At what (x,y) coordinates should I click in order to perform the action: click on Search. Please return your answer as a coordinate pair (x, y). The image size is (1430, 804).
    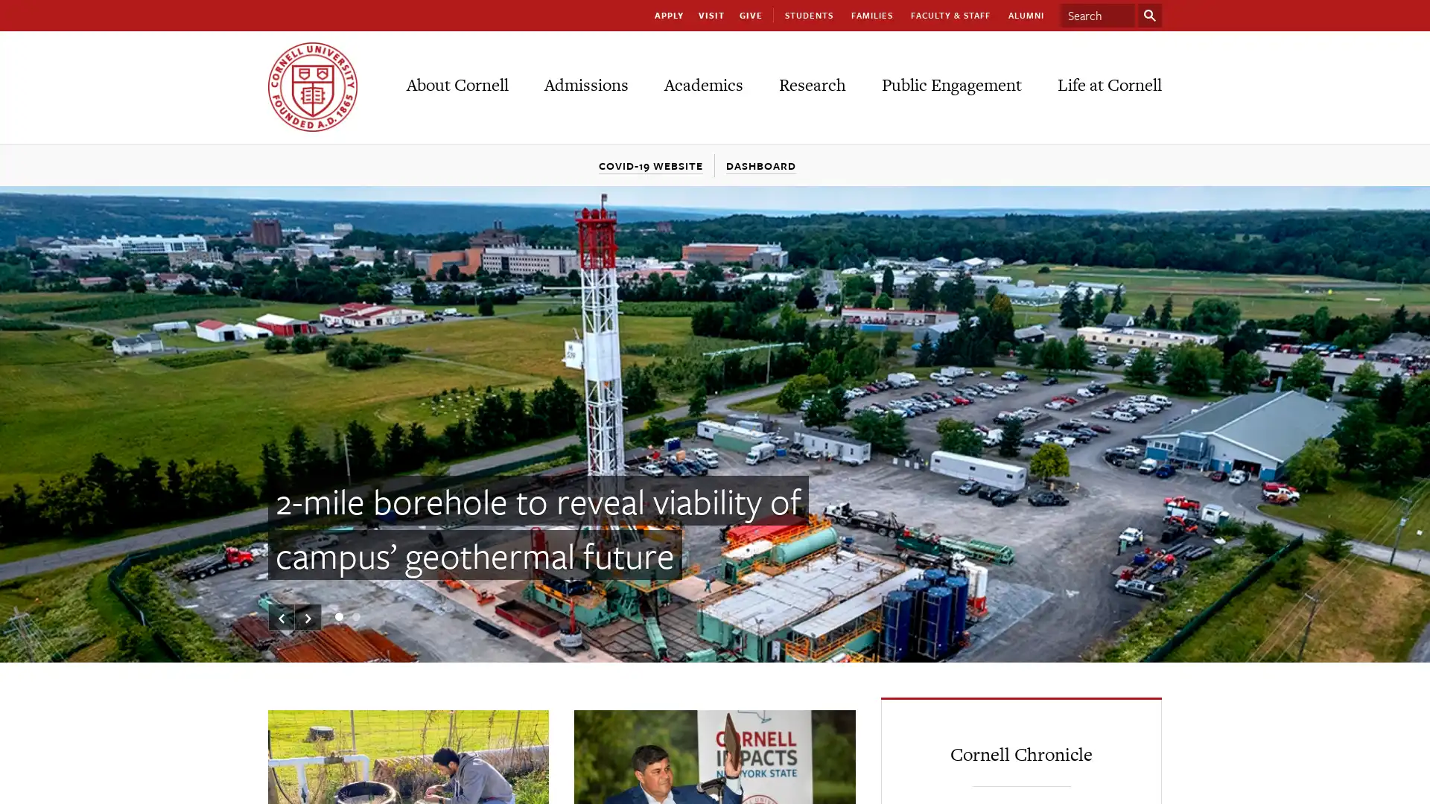
    Looking at the image, I should click on (1149, 15).